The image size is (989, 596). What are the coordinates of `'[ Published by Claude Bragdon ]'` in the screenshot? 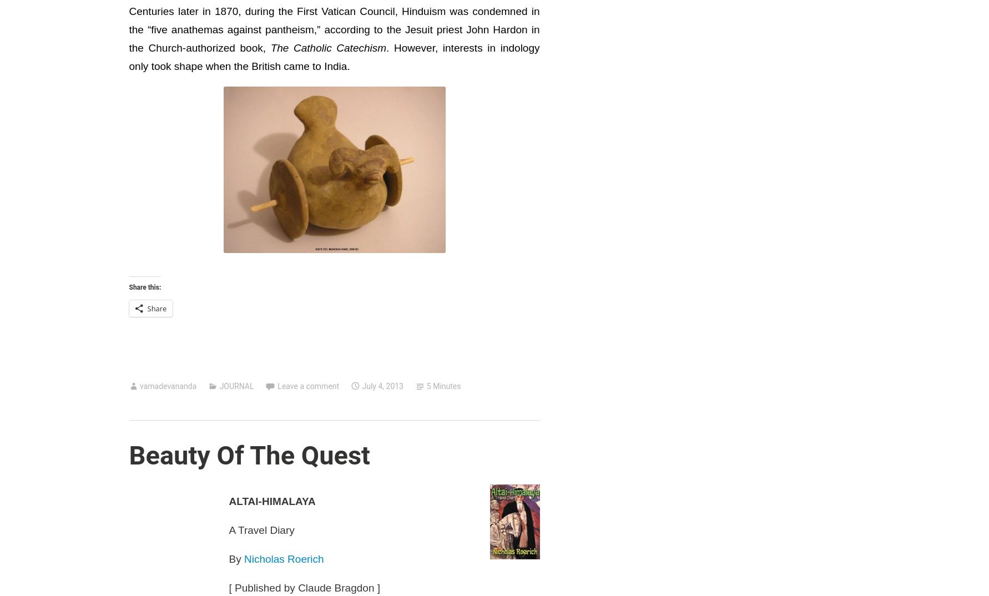 It's located at (304, 588).